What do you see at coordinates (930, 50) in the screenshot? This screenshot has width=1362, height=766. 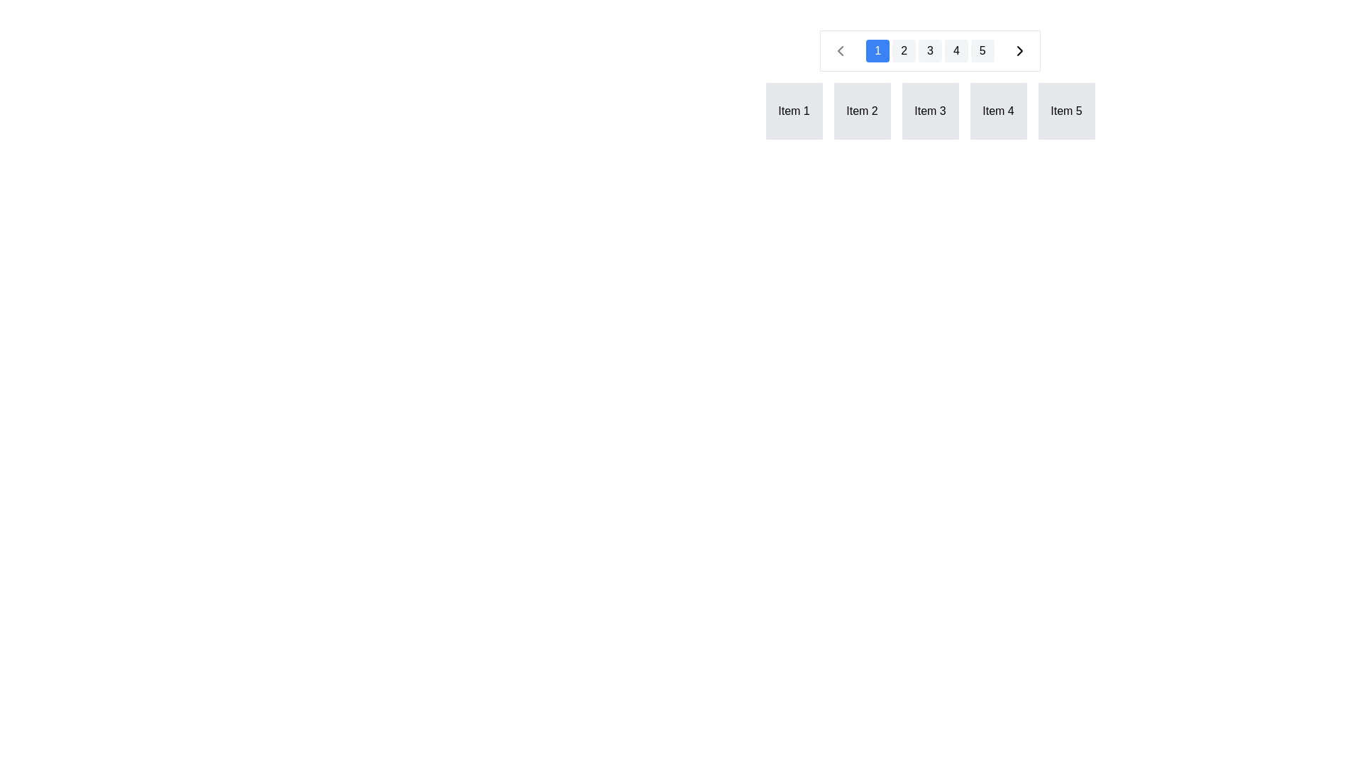 I see `the pagination button, which is the third button from the left in a row of five buttons, to trigger the hover effect` at bounding box center [930, 50].